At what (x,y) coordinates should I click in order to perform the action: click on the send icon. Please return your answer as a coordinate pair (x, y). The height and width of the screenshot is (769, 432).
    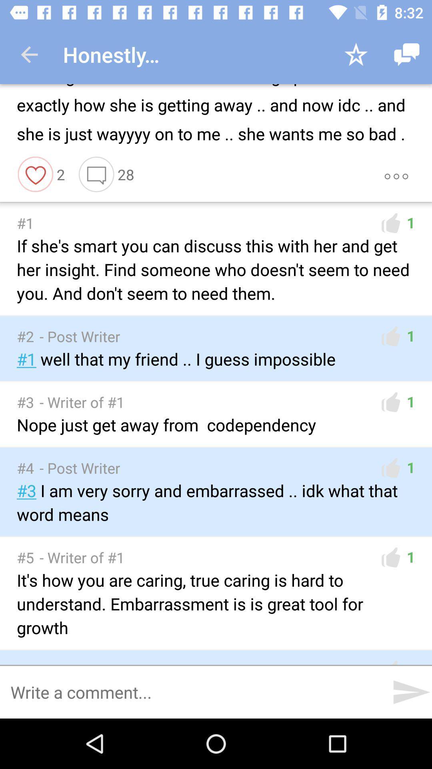
    Looking at the image, I should click on (411, 692).